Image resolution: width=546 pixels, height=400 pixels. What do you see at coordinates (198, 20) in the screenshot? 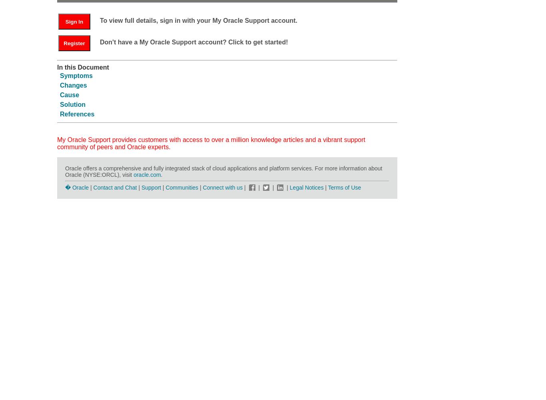
I see `'To view full details, sign in with your My Oracle Support account.'` at bounding box center [198, 20].